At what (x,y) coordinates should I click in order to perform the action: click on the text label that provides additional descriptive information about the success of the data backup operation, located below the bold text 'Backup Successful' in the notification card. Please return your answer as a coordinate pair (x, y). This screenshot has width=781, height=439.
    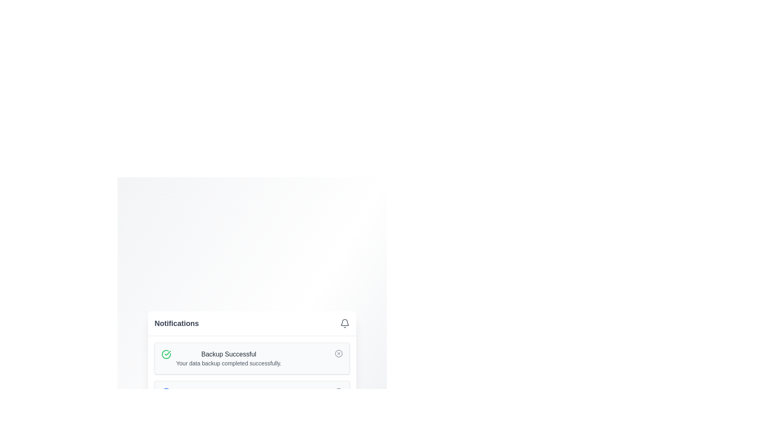
    Looking at the image, I should click on (228, 363).